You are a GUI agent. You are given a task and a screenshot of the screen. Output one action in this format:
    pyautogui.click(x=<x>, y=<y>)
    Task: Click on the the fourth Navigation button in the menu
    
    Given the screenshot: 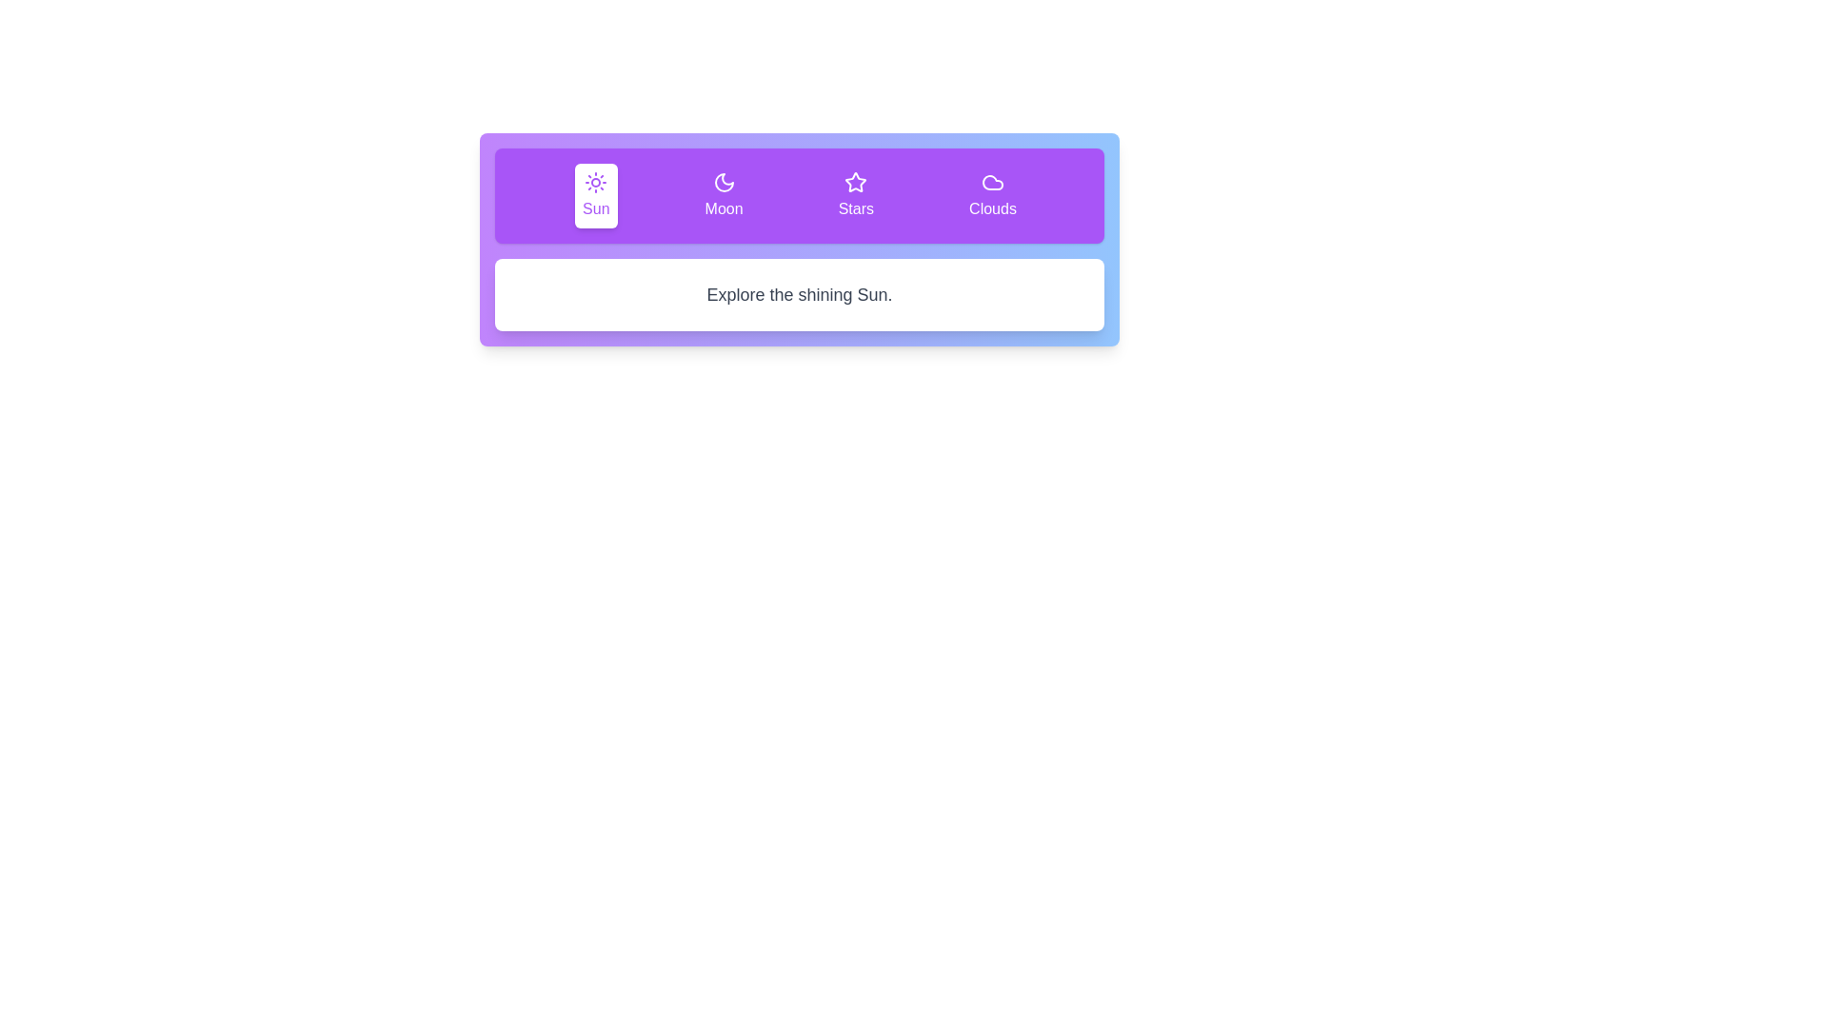 What is the action you would take?
    pyautogui.click(x=991, y=195)
    